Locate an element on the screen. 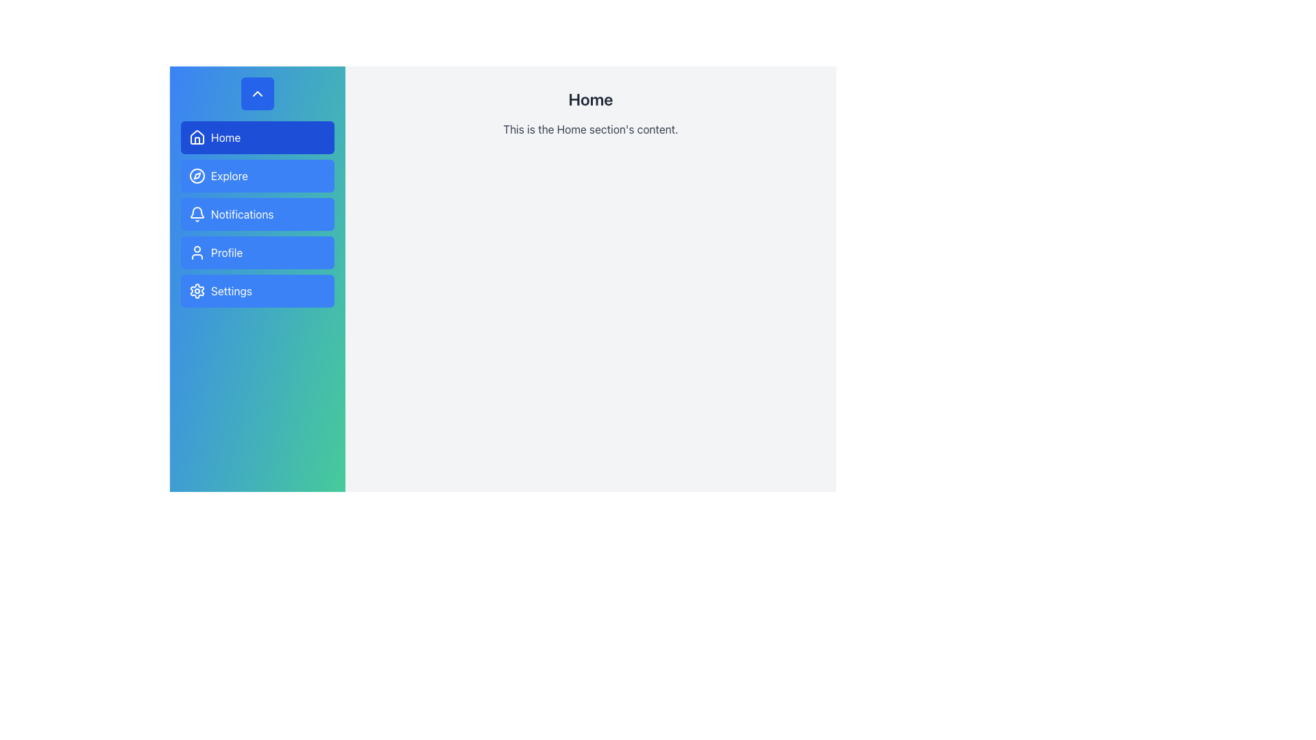  the Text Label that contains the text 'This is the Home section's content.' which is styled with medium gray color and positioned below the 'Home' title is located at coordinates (591, 129).